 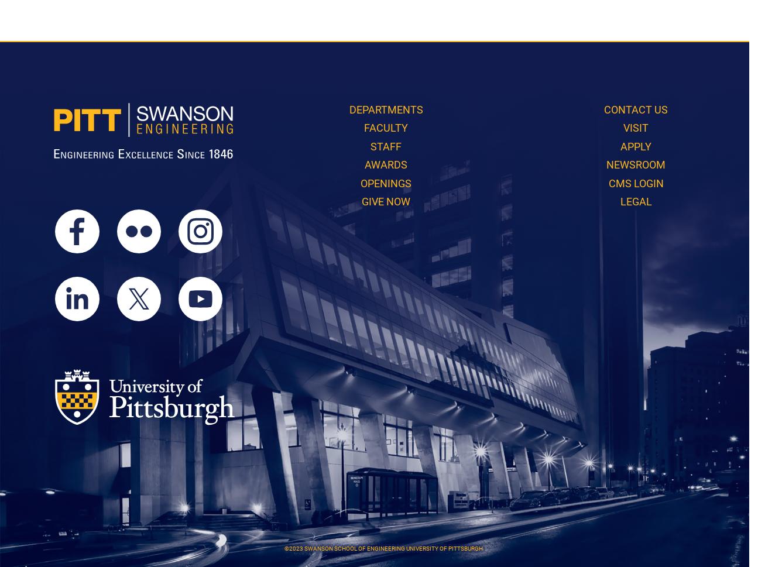 I want to click on 'Awards', so click(x=386, y=164).